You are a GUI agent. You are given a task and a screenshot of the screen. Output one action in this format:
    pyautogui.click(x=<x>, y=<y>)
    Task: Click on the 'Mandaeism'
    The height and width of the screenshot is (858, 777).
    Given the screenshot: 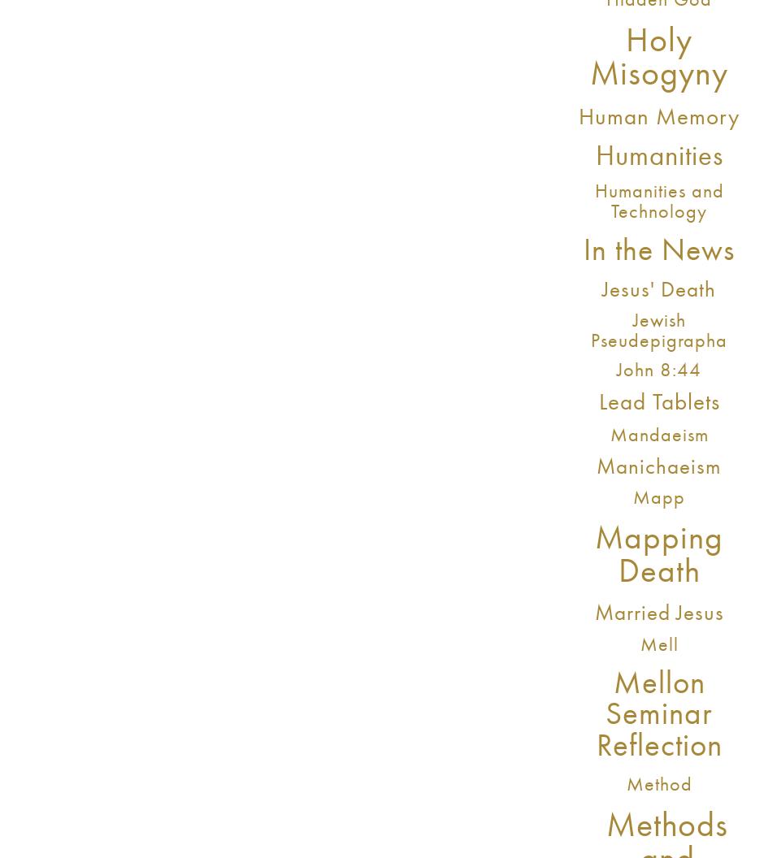 What is the action you would take?
    pyautogui.click(x=658, y=434)
    